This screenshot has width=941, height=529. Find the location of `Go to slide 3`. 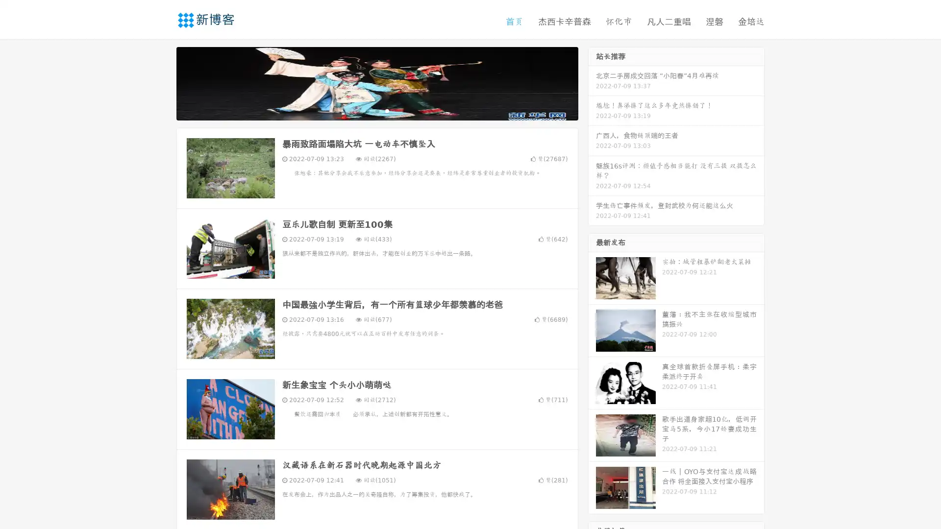

Go to slide 3 is located at coordinates (387, 110).